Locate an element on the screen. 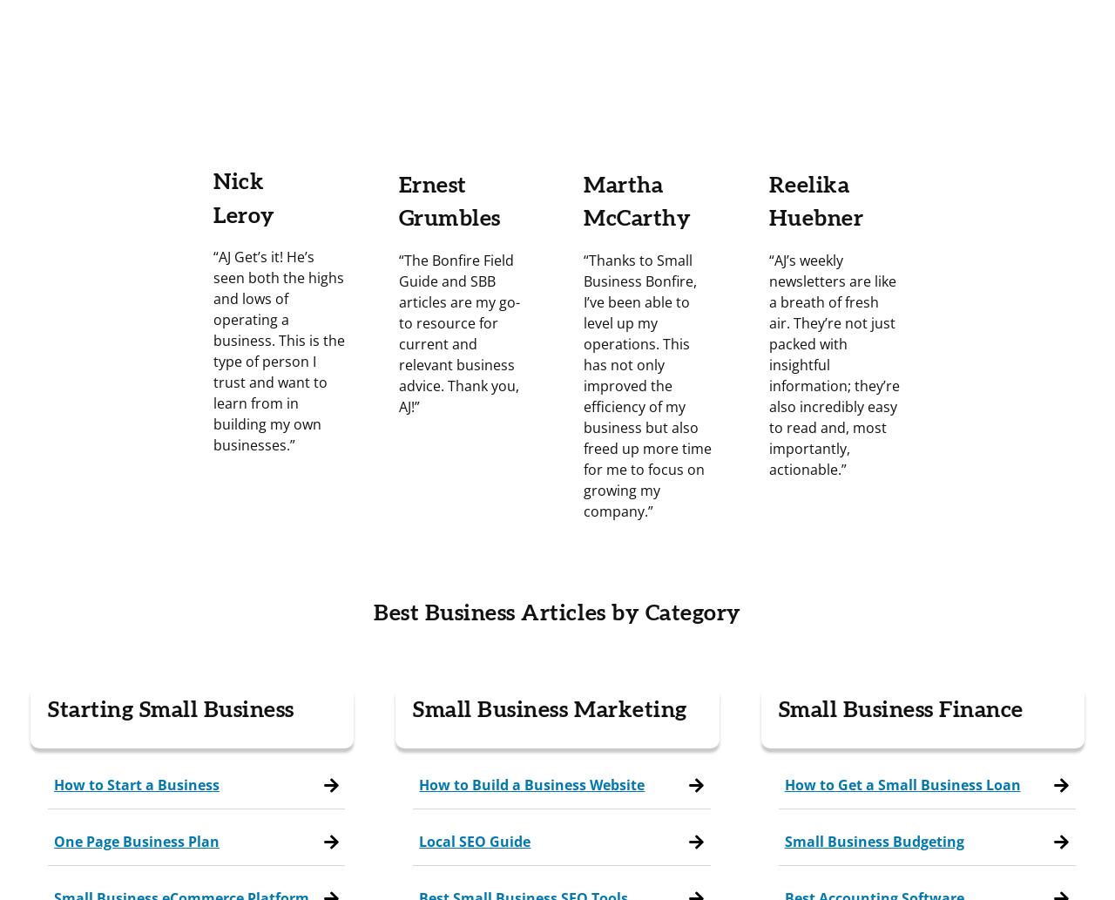  'Leroy' is located at coordinates (212, 213).